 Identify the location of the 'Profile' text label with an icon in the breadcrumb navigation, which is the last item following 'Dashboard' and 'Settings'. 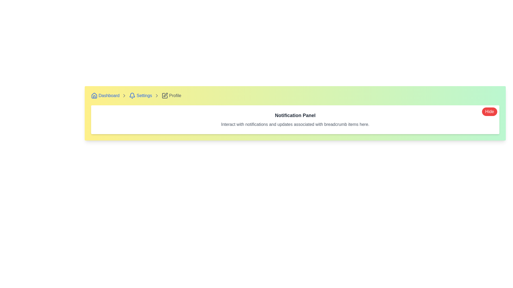
(171, 95).